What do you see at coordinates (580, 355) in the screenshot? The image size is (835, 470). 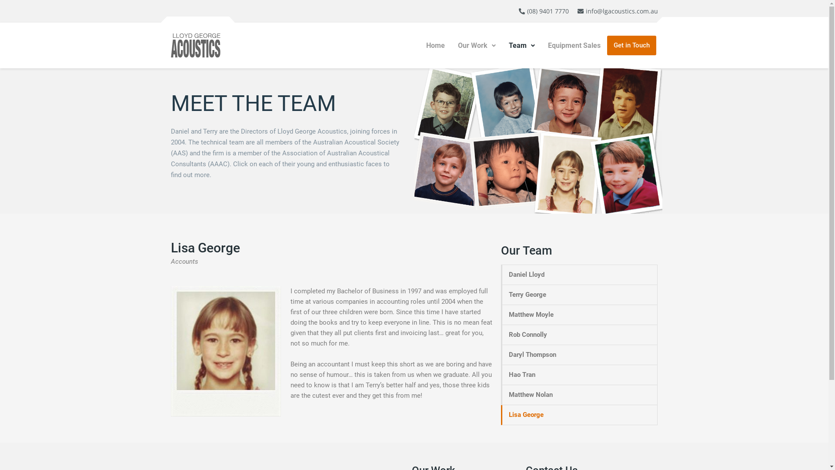 I see `'Daryl Thompson'` at bounding box center [580, 355].